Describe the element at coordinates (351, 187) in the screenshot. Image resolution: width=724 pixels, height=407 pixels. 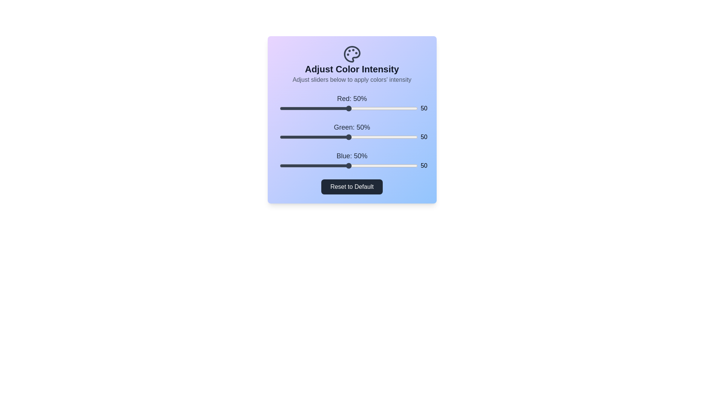
I see `'Reset to Default' button to reset all sliders` at that location.